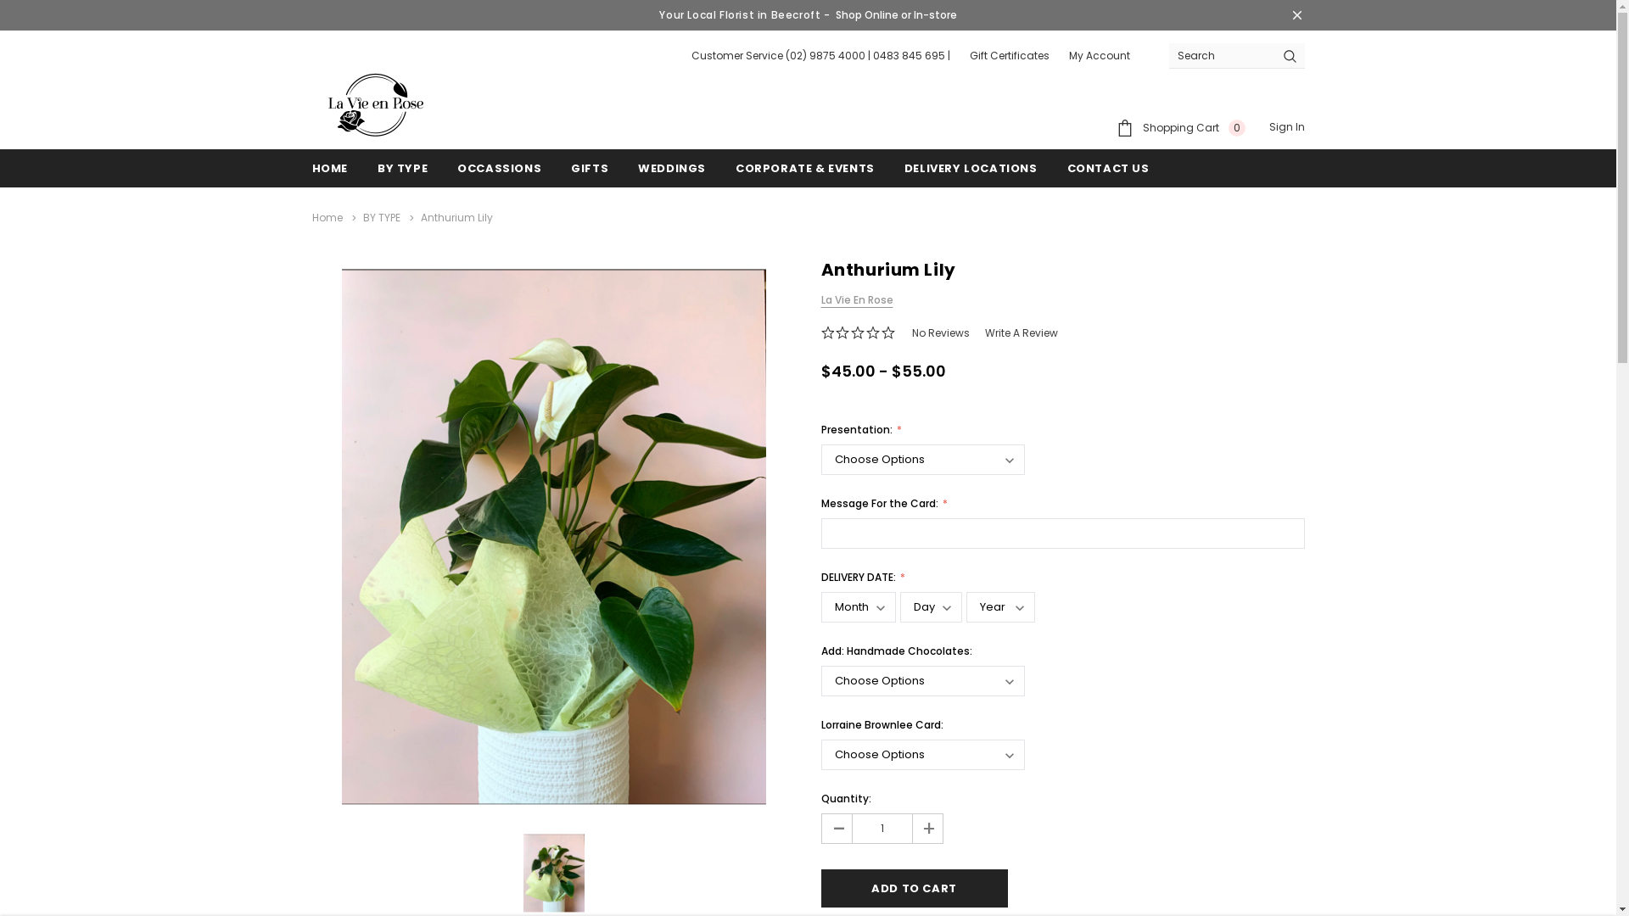 The width and height of the screenshot is (1629, 916). Describe the element at coordinates (914, 887) in the screenshot. I see `'Add to Cart'` at that location.